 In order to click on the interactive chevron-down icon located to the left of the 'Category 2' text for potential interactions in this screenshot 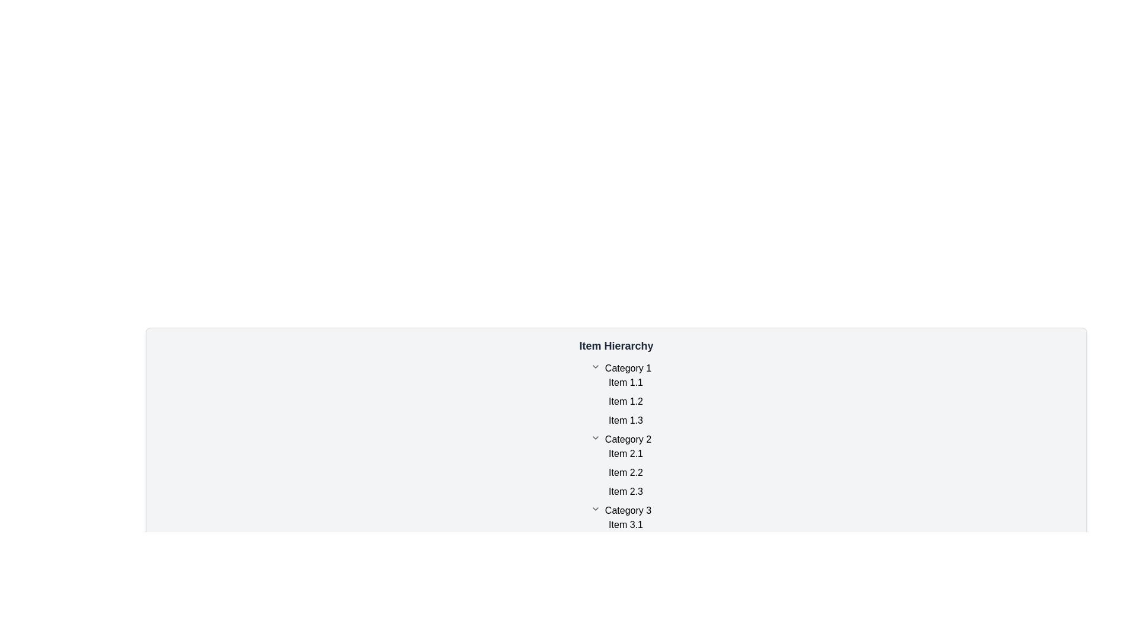, I will do `click(595, 438)`.